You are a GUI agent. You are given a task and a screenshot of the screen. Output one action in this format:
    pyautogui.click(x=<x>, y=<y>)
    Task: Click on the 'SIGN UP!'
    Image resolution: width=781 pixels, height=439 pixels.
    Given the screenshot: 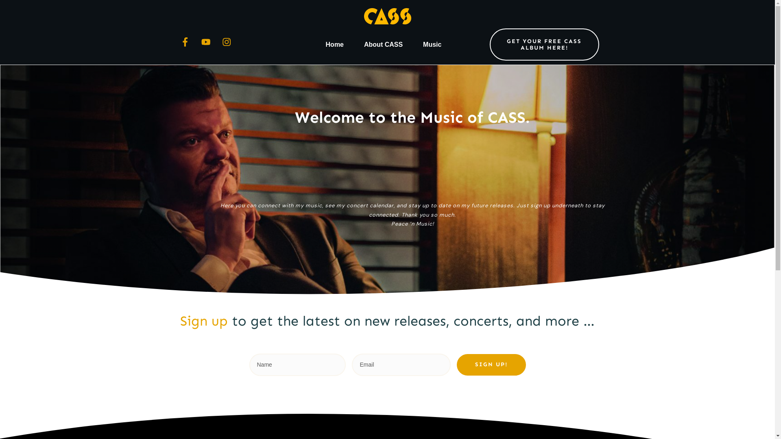 What is the action you would take?
    pyautogui.click(x=491, y=364)
    